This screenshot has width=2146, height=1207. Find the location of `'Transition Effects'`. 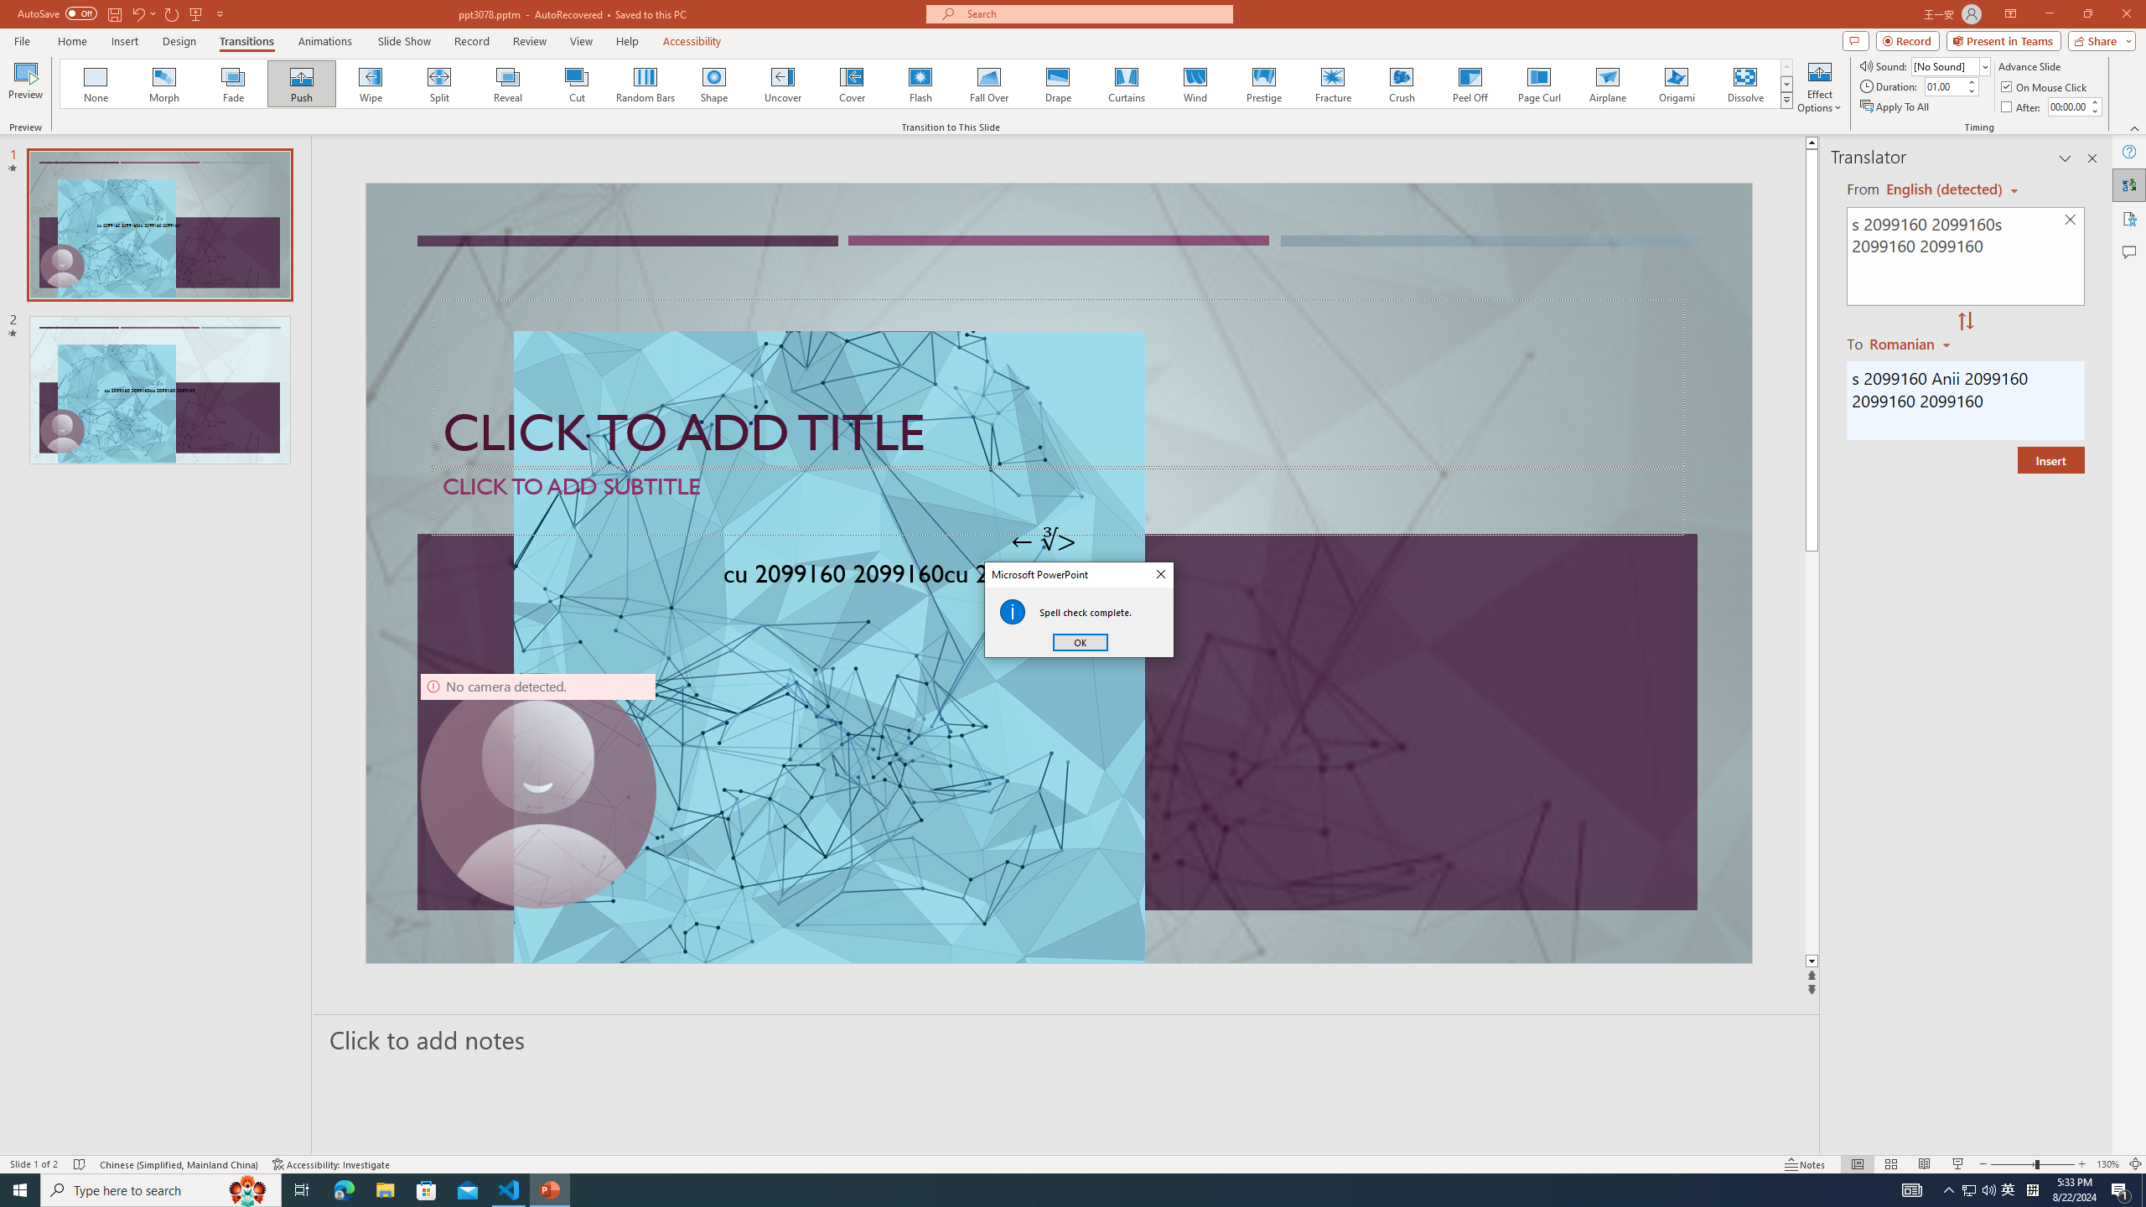

'Transition Effects' is located at coordinates (1786, 99).